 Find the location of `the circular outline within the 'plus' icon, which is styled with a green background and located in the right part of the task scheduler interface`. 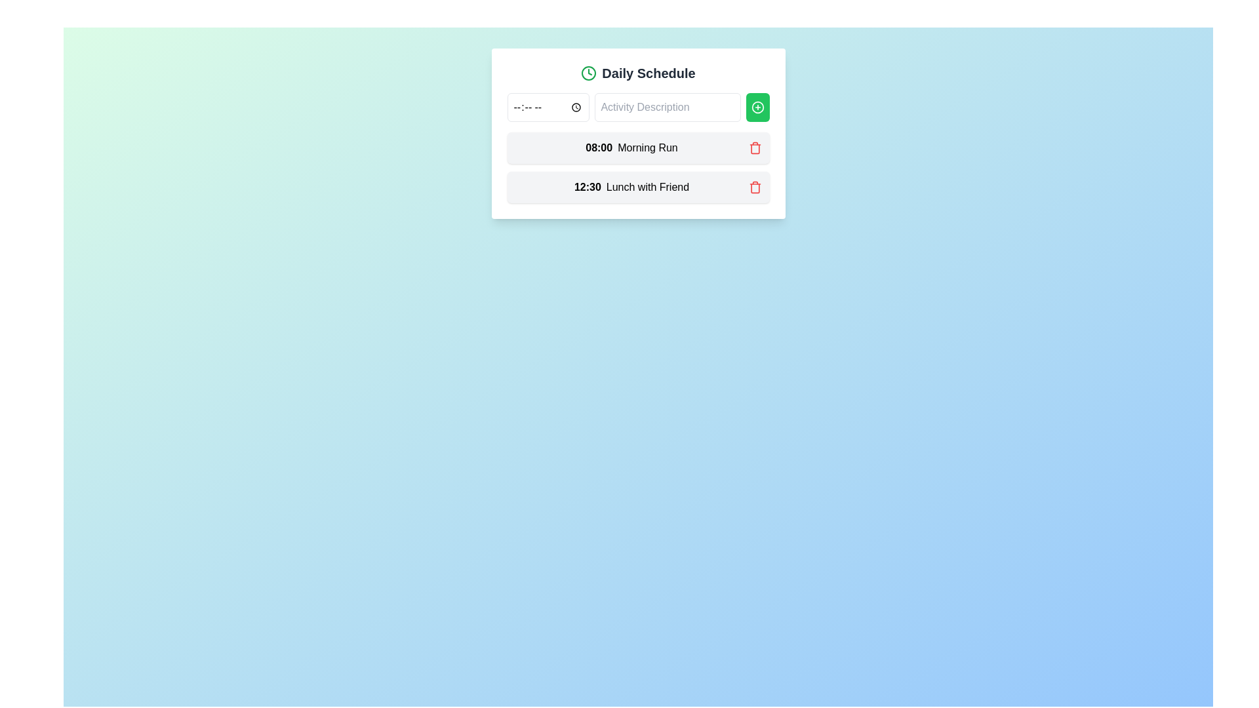

the circular outline within the 'plus' icon, which is styled with a green background and located in the right part of the task scheduler interface is located at coordinates (757, 107).